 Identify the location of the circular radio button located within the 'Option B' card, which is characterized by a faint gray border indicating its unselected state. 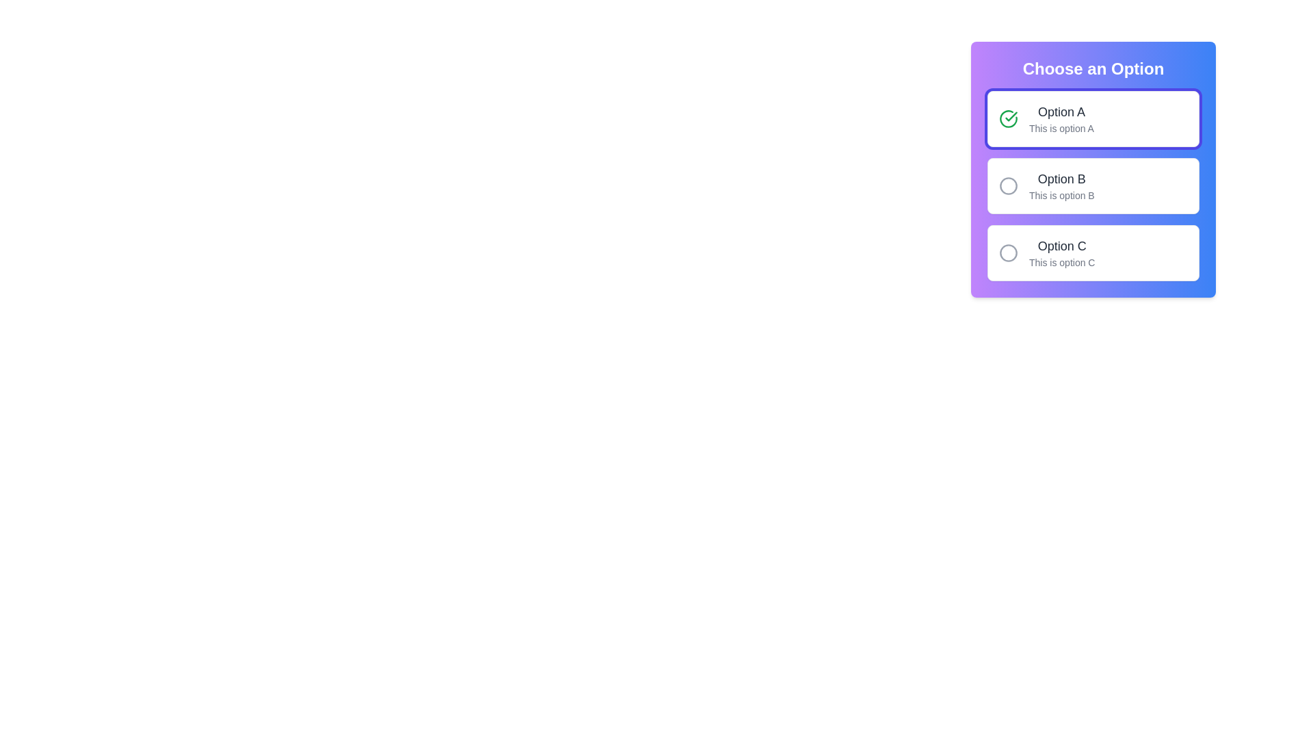
(1008, 186).